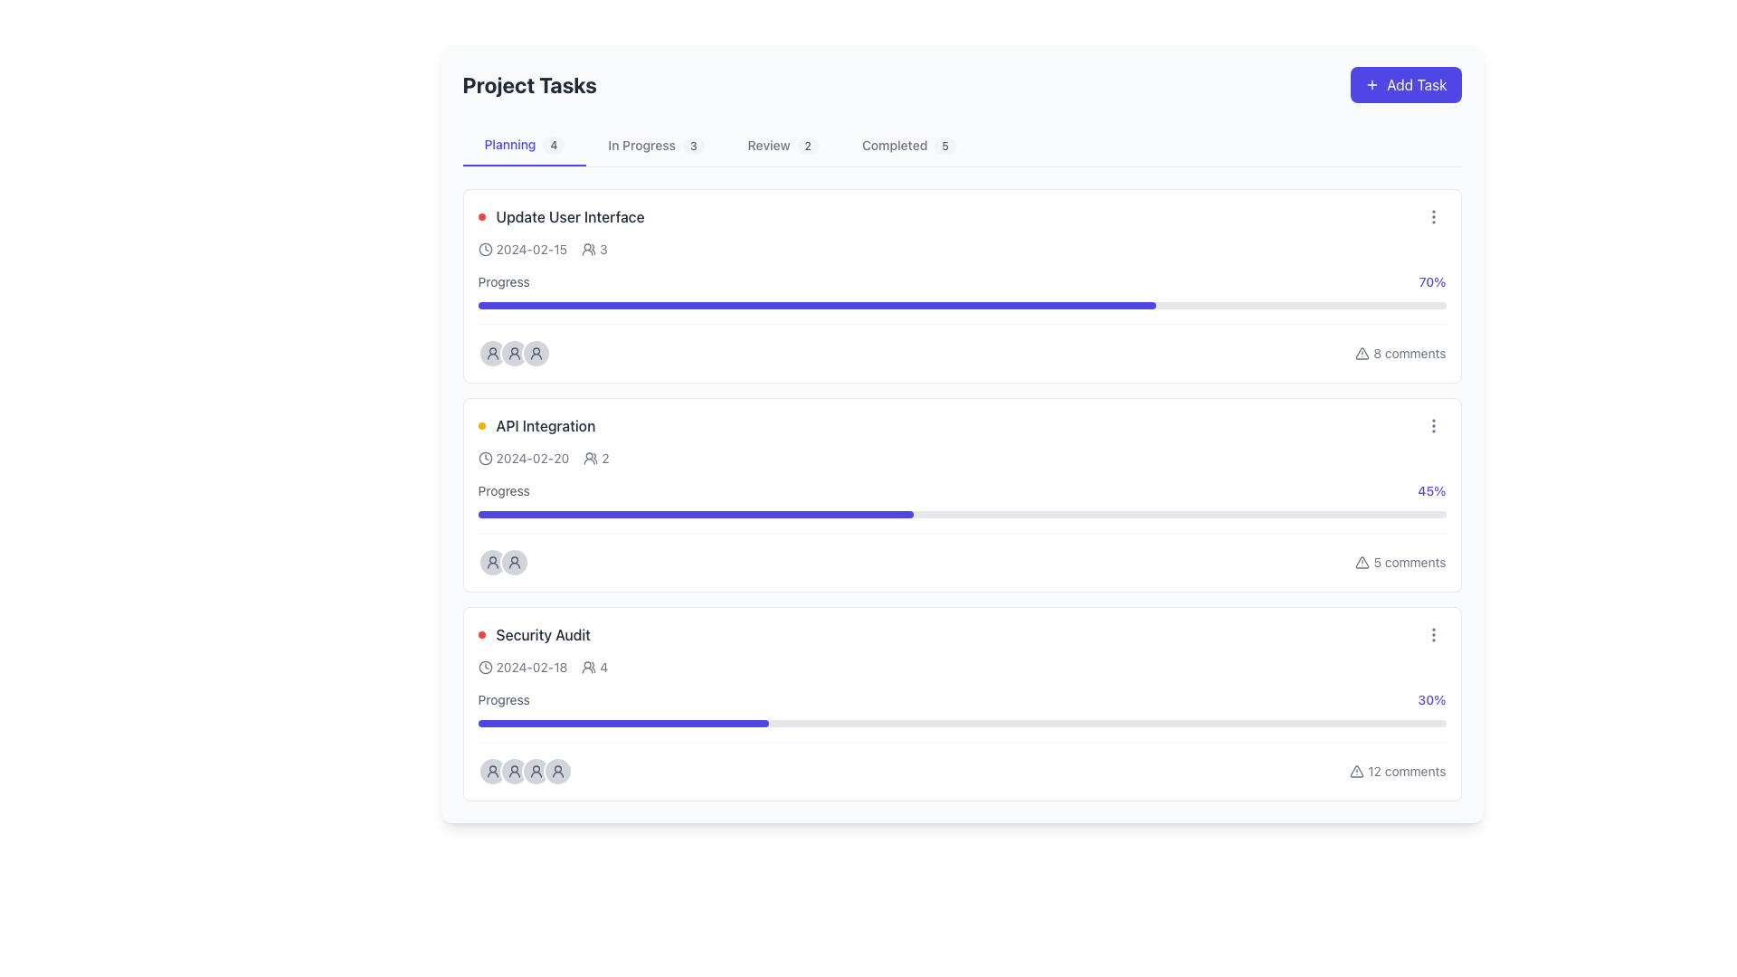  Describe the element at coordinates (513, 771) in the screenshot. I see `the second user profile icon in the 'Security Audit' task section` at that location.